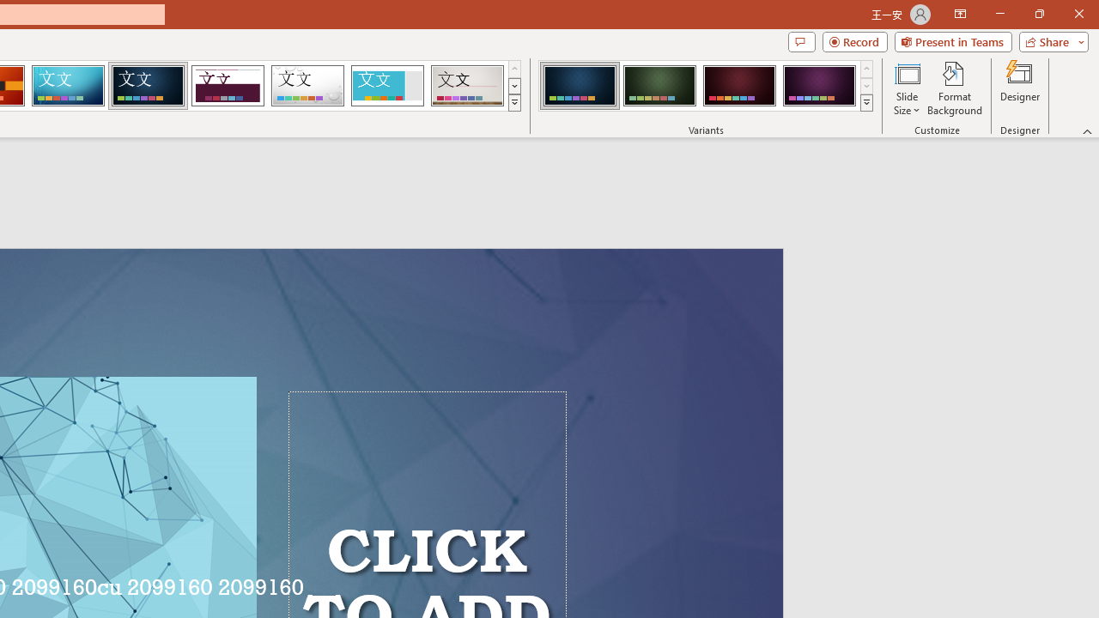 Image resolution: width=1099 pixels, height=618 pixels. Describe the element at coordinates (580, 86) in the screenshot. I see `'Damask Variant 1'` at that location.